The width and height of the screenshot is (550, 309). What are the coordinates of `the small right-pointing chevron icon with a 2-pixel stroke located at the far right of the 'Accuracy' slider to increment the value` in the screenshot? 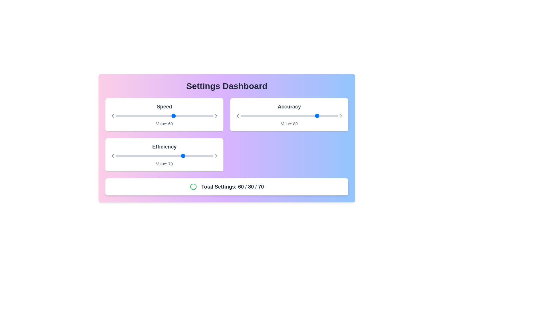 It's located at (341, 116).